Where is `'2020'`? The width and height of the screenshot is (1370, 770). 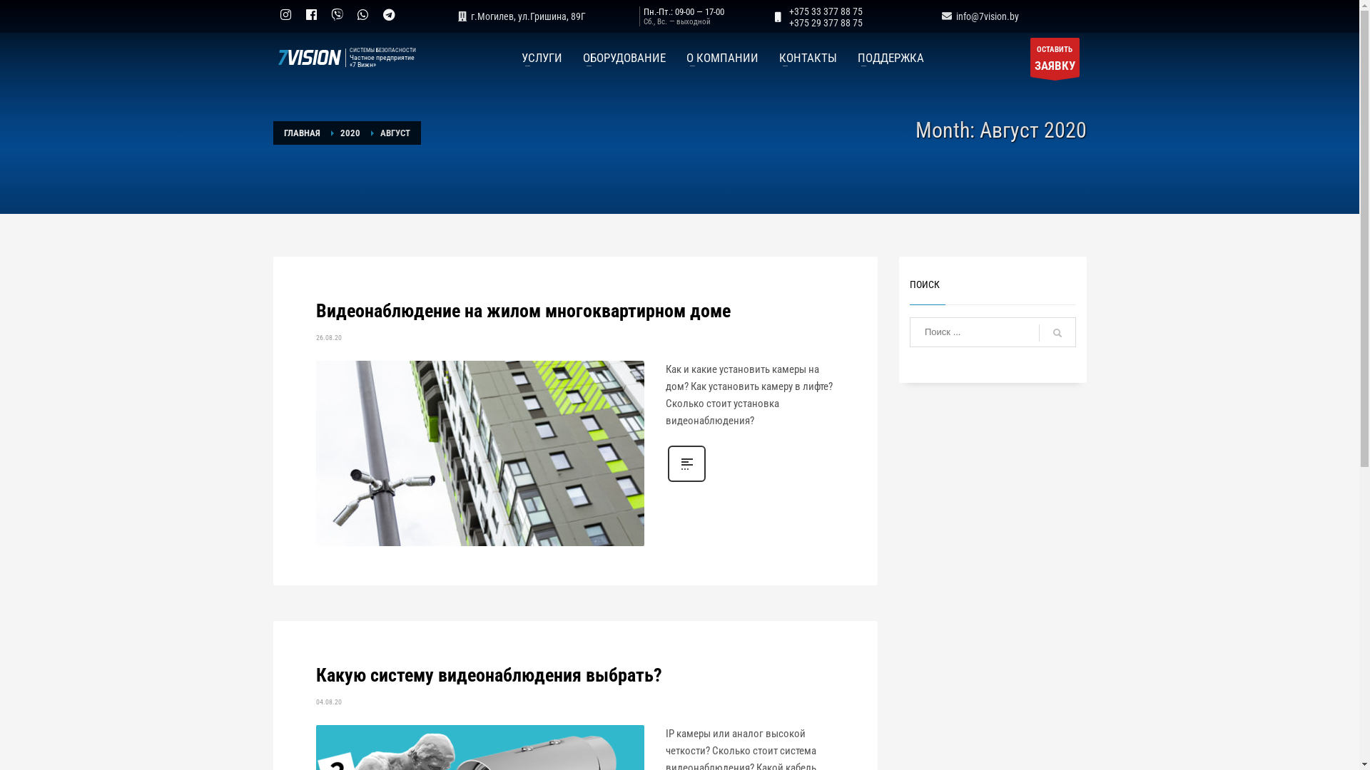
'2020' is located at coordinates (349, 133).